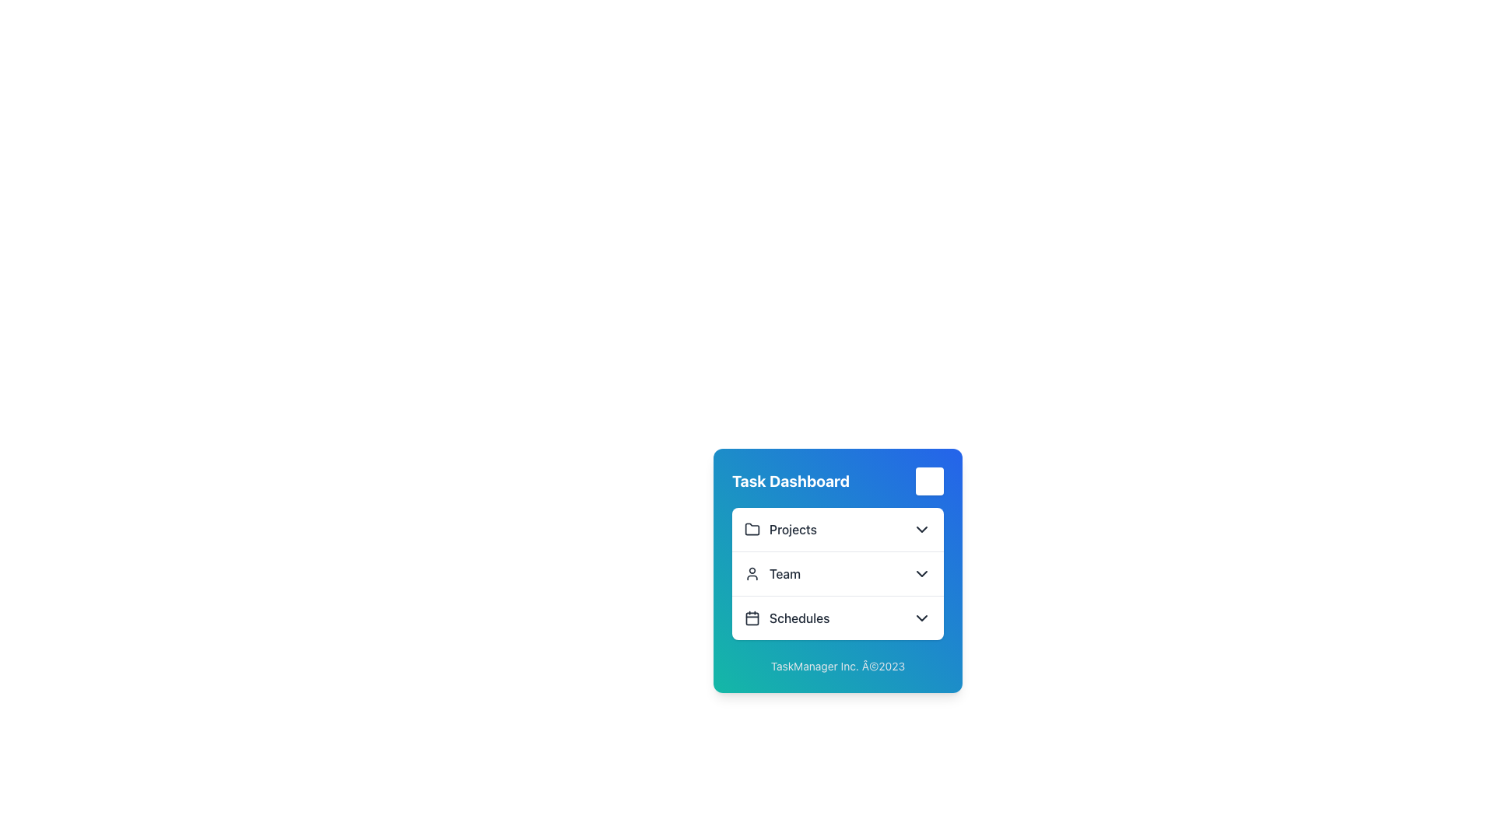 The height and width of the screenshot is (840, 1494). I want to click on the 'Team' button, which is a composite UI element with a user icon and the text 'Team' next to it, so click(773, 573).